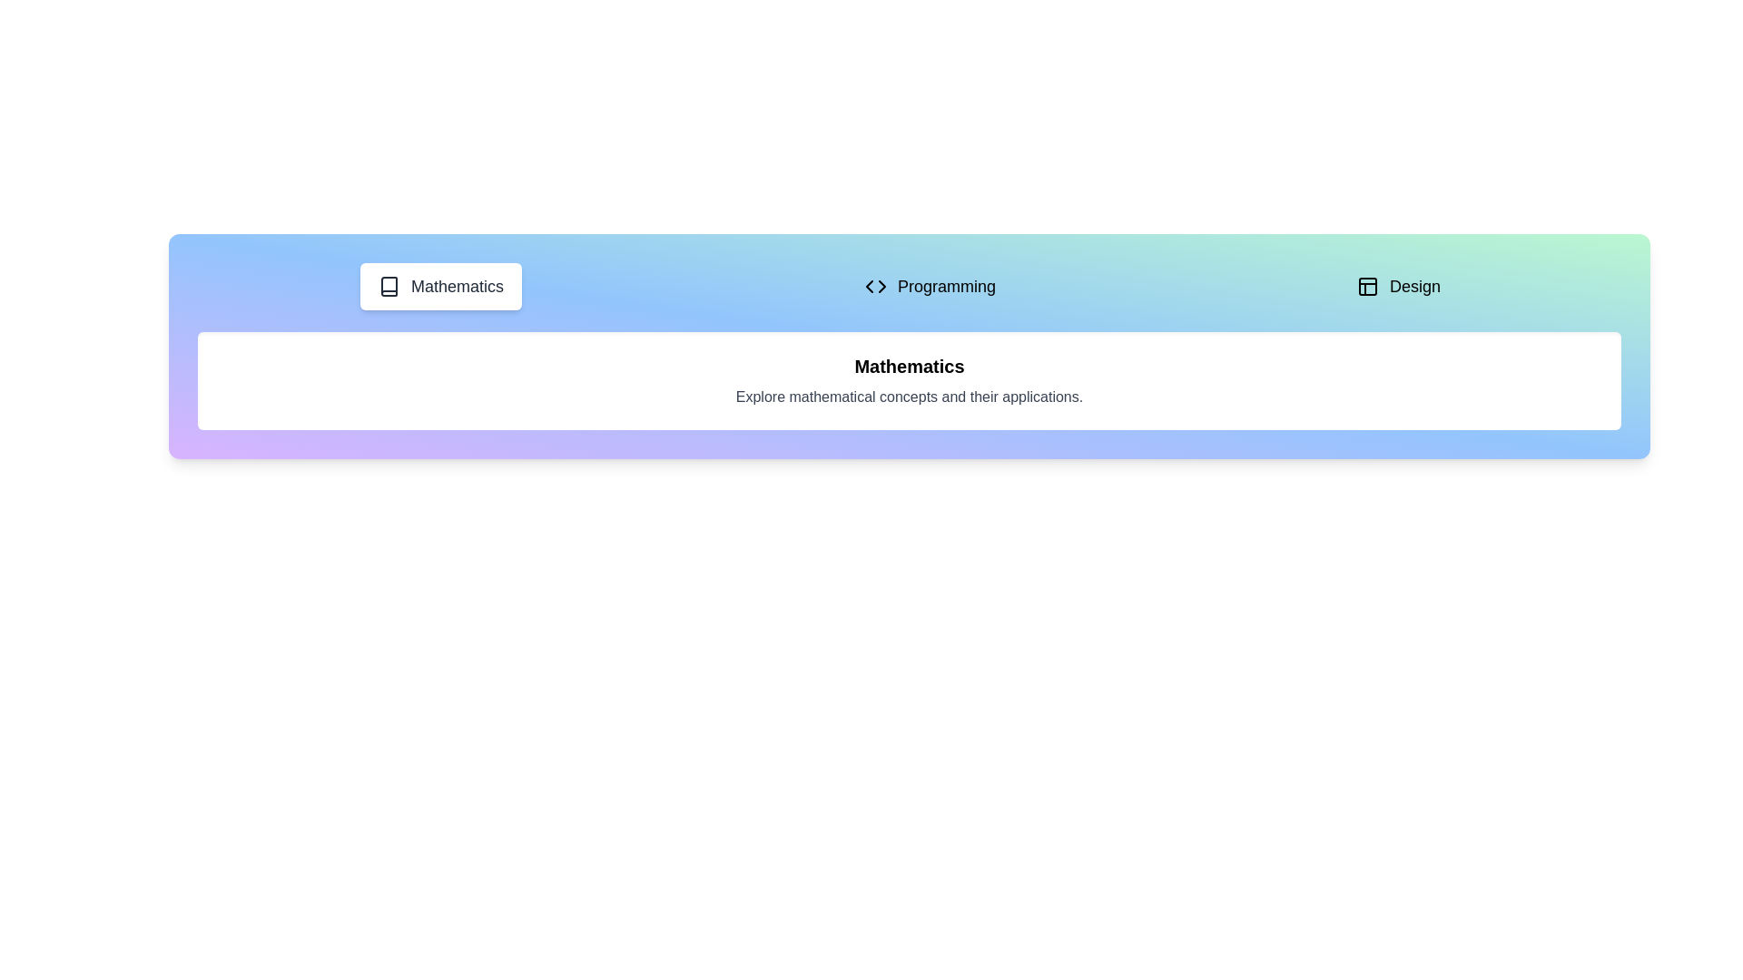 The width and height of the screenshot is (1743, 980). What do you see at coordinates (440, 286) in the screenshot?
I see `the button corresponding to the module Mathematics` at bounding box center [440, 286].